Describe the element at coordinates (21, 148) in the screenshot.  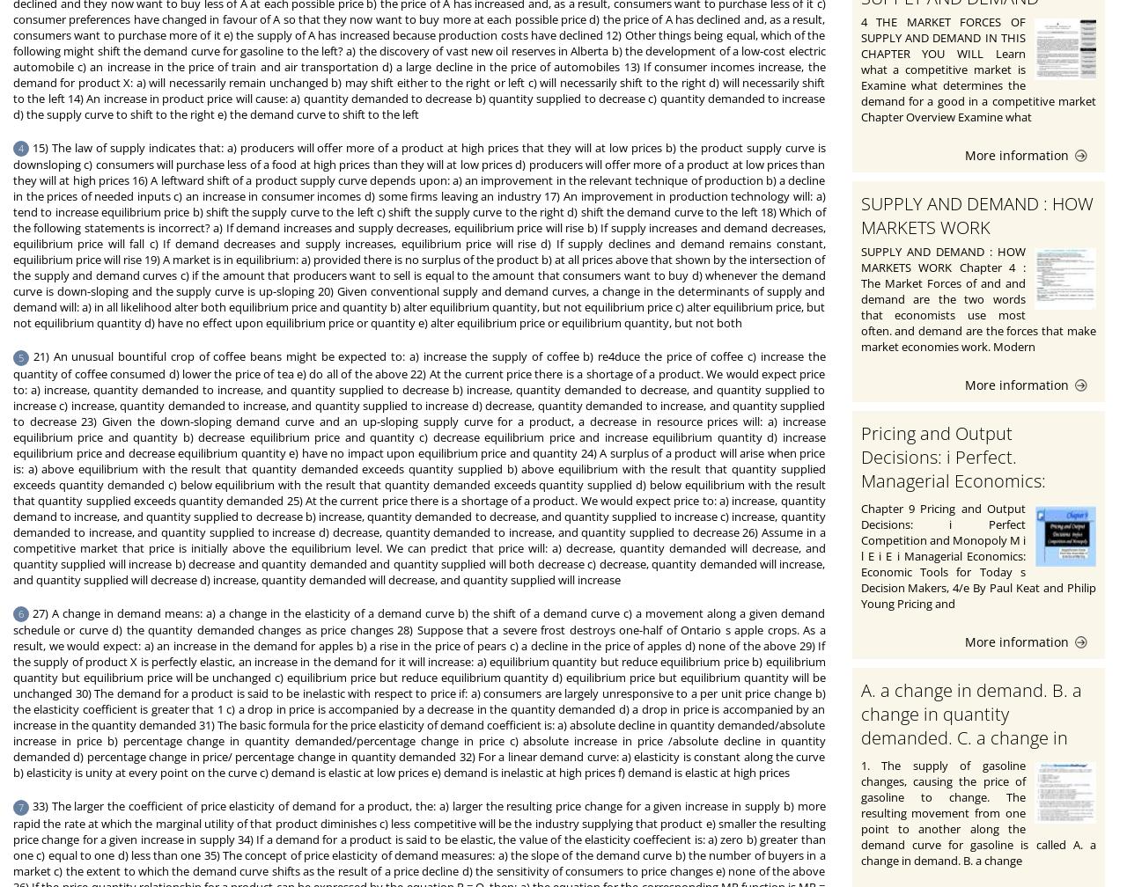
I see `'4'` at that location.